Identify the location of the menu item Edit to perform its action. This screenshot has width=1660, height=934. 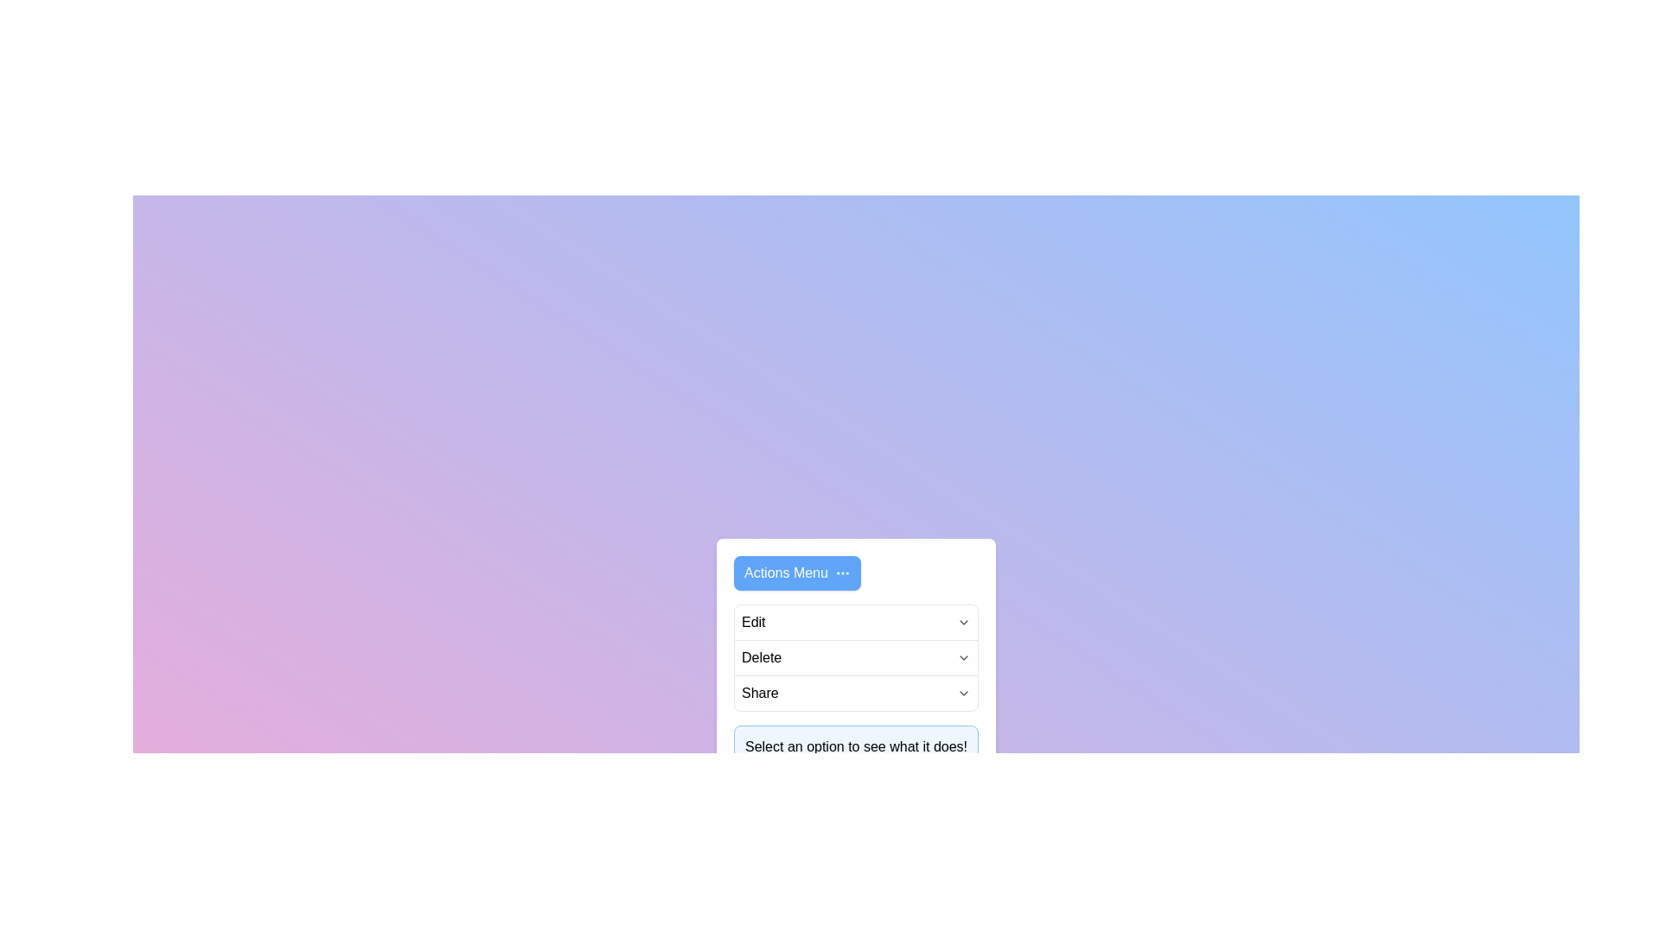
(753, 623).